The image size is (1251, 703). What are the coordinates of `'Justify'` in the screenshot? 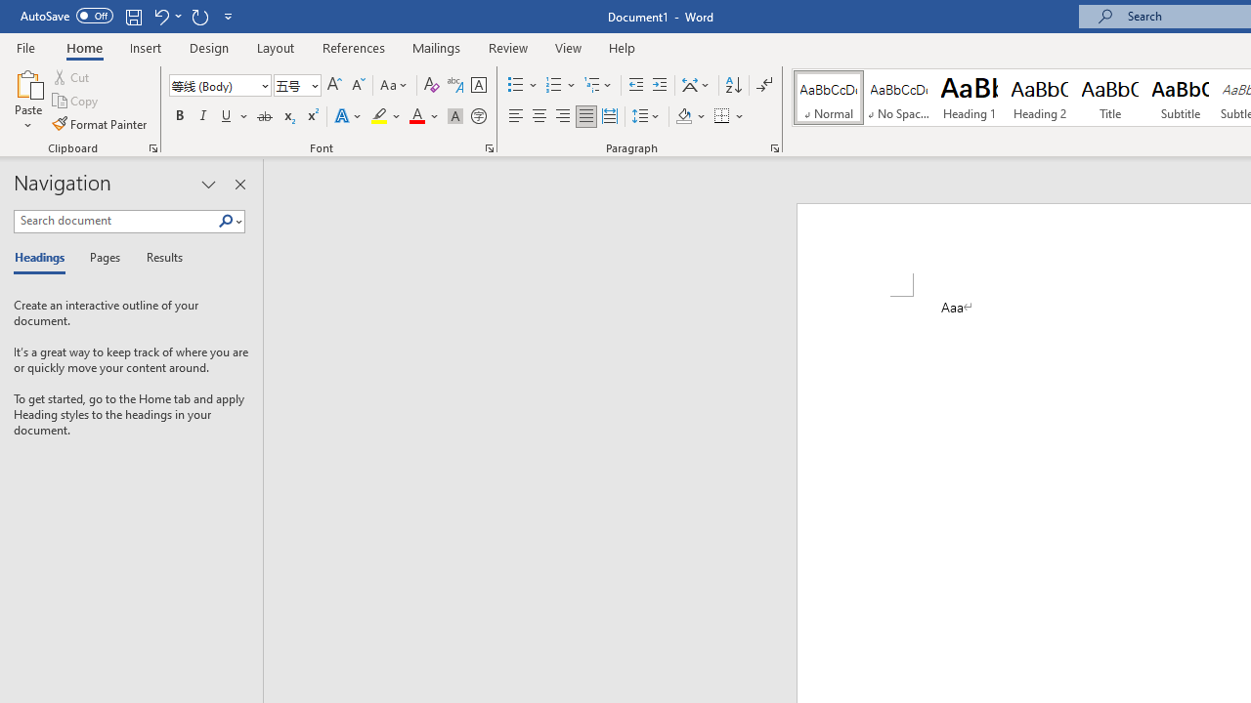 It's located at (584, 116).